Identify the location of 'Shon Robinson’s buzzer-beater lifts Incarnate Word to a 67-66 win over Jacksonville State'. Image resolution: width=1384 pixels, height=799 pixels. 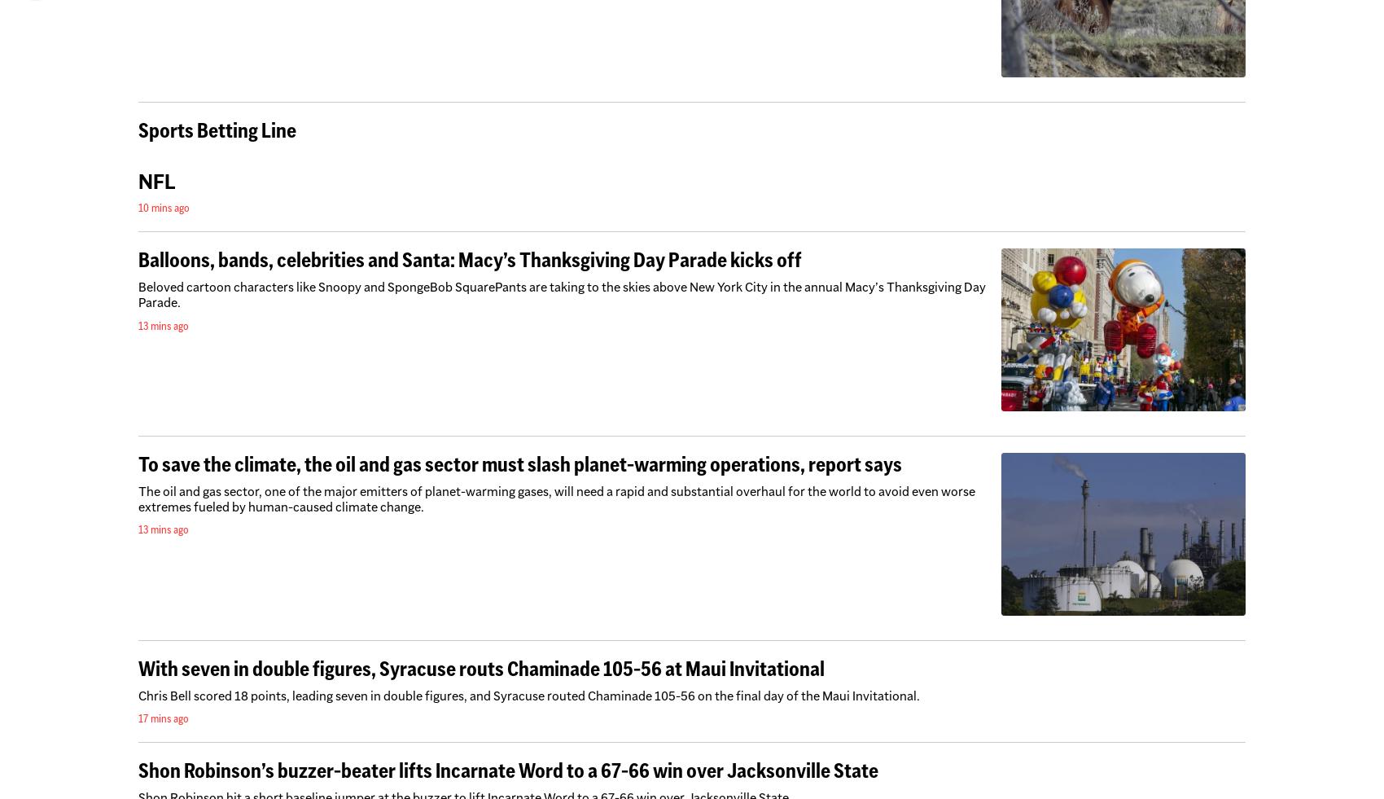
(507, 769).